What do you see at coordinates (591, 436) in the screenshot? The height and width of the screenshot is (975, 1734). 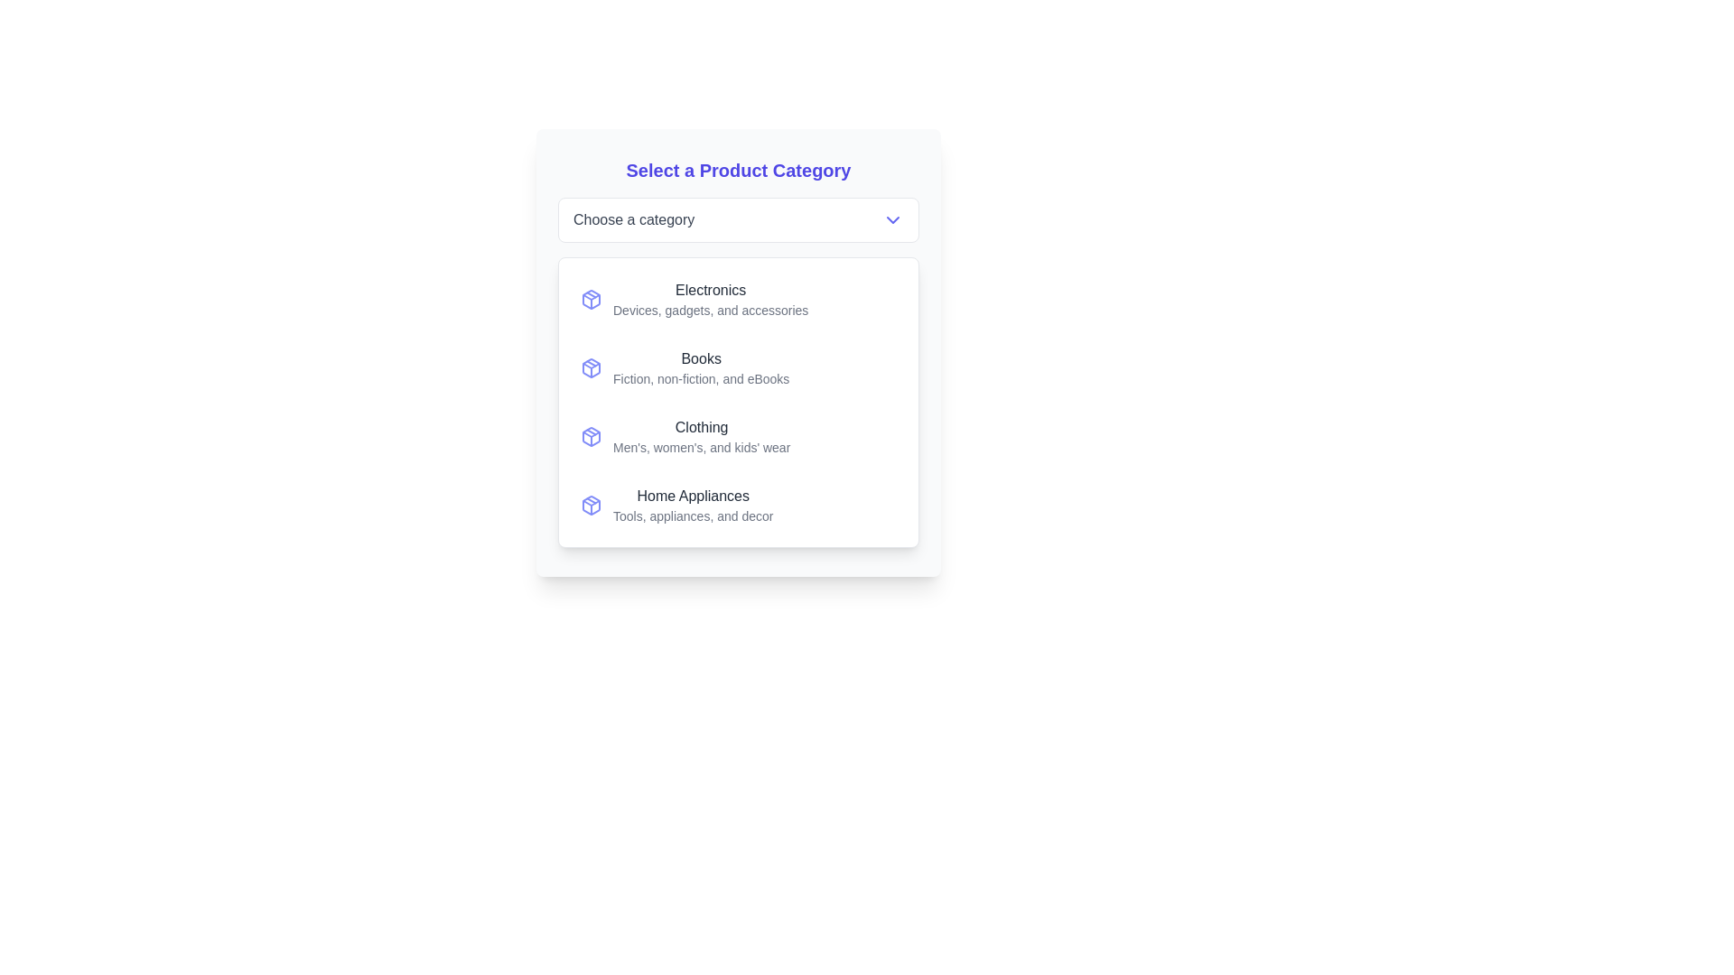 I see `the hexagonal SVG icon representing the 'Clothing' category in the vertical list of selectable categories` at bounding box center [591, 436].